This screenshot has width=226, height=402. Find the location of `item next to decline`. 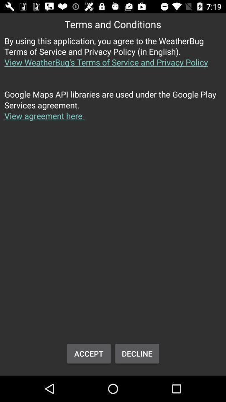

item next to decline is located at coordinates (88, 353).